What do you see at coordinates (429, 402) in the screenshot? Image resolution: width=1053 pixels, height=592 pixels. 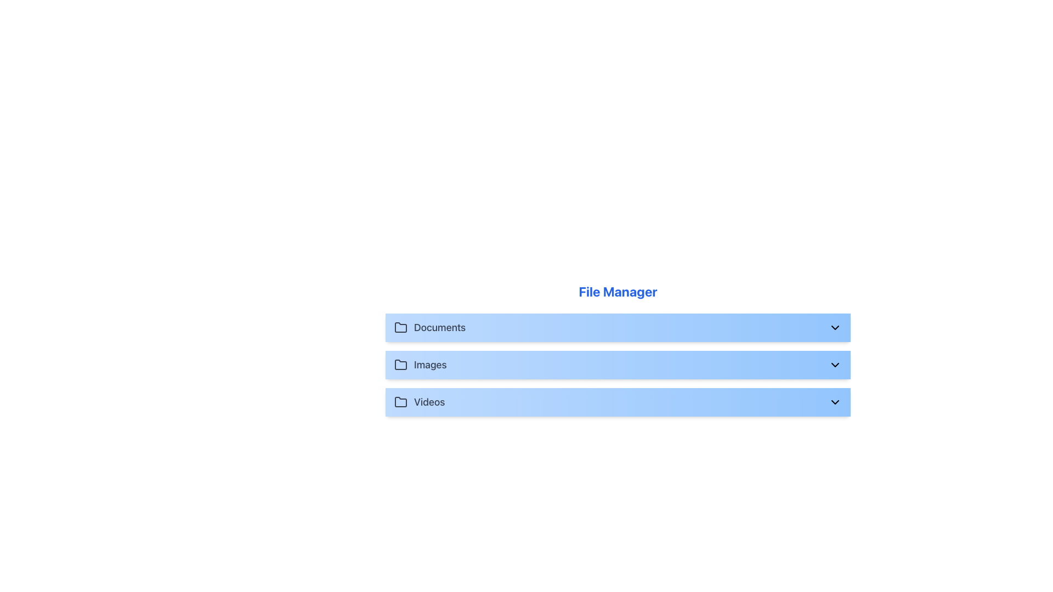 I see `the label for the 'Videos' folder, which is positioned in the third row of a vertical list of labeled folder entries` at bounding box center [429, 402].